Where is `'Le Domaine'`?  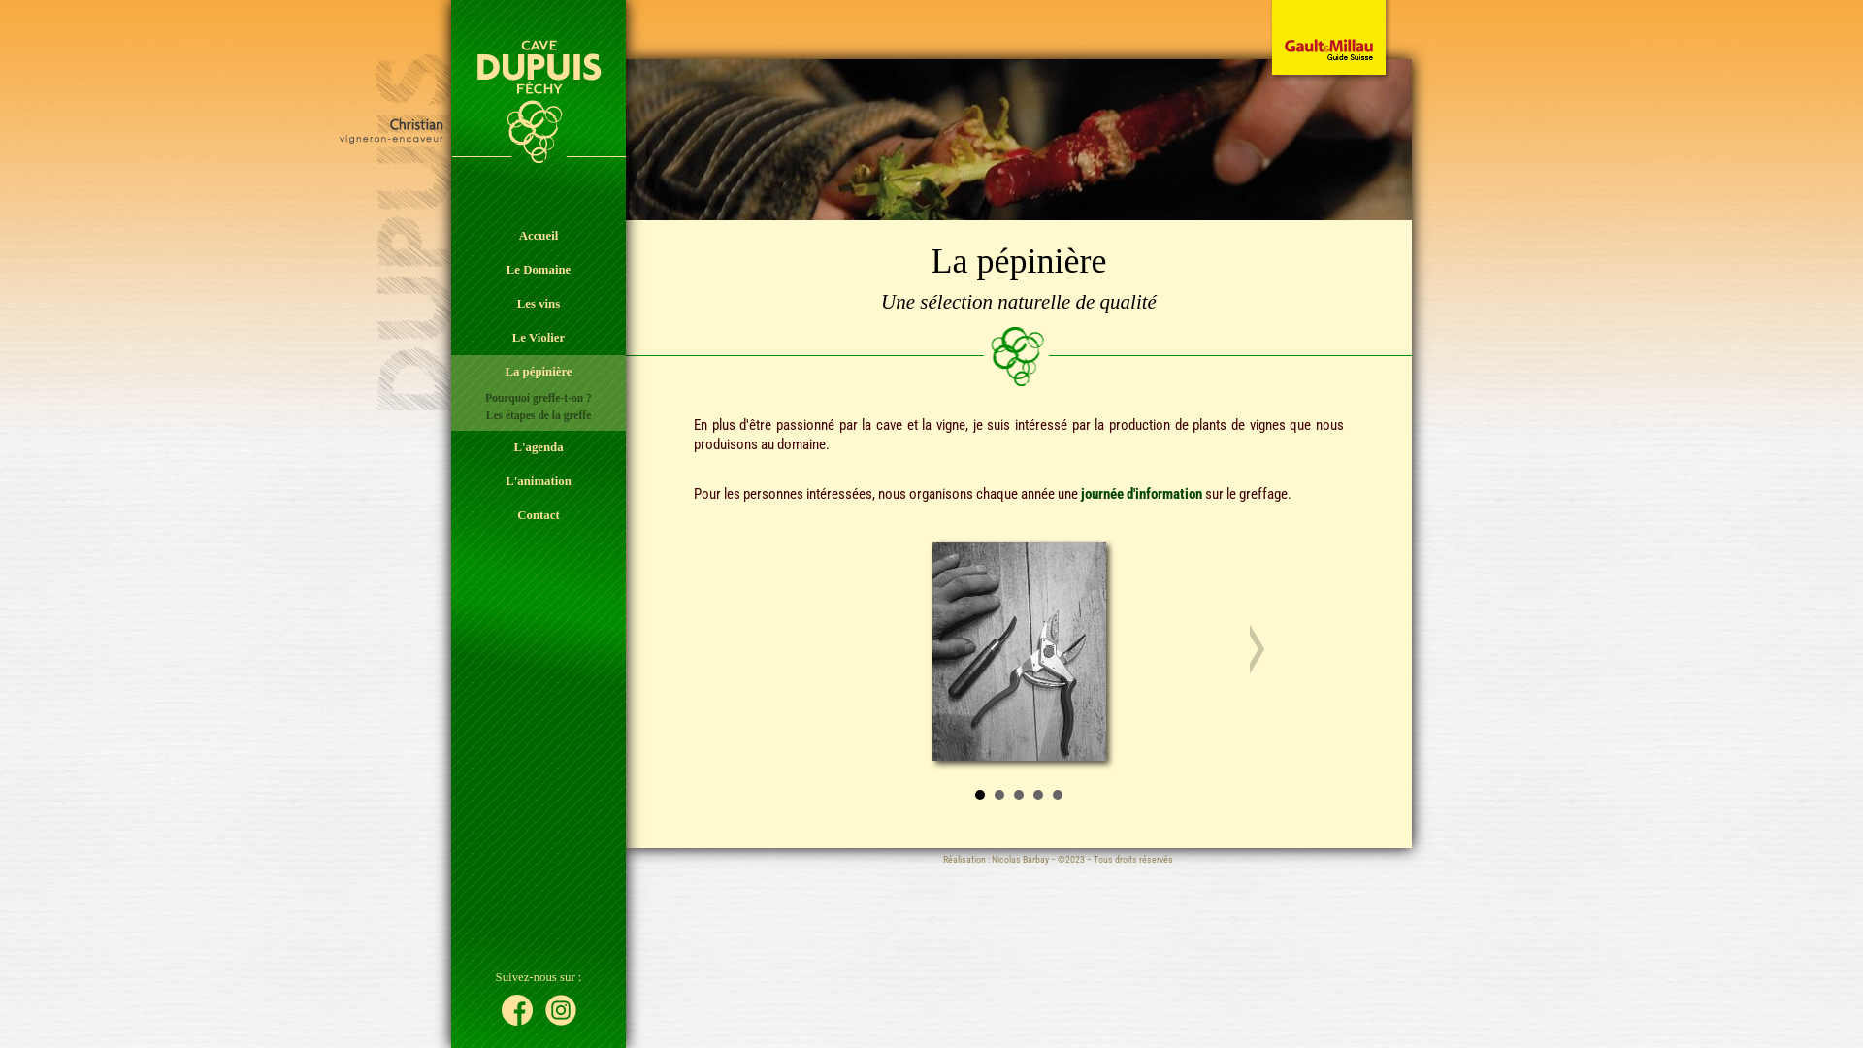
'Le Domaine' is located at coordinates (539, 270).